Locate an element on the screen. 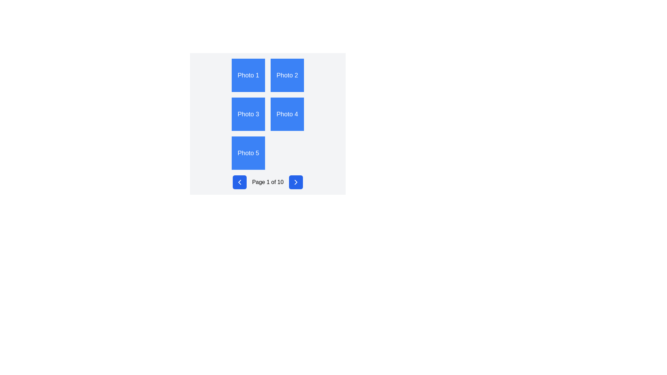  the pagination button that navigates to the next page, located at the far-right of the 'Page 1 of 10' text and adjacent to a left-facing chevron button is located at coordinates (296, 182).